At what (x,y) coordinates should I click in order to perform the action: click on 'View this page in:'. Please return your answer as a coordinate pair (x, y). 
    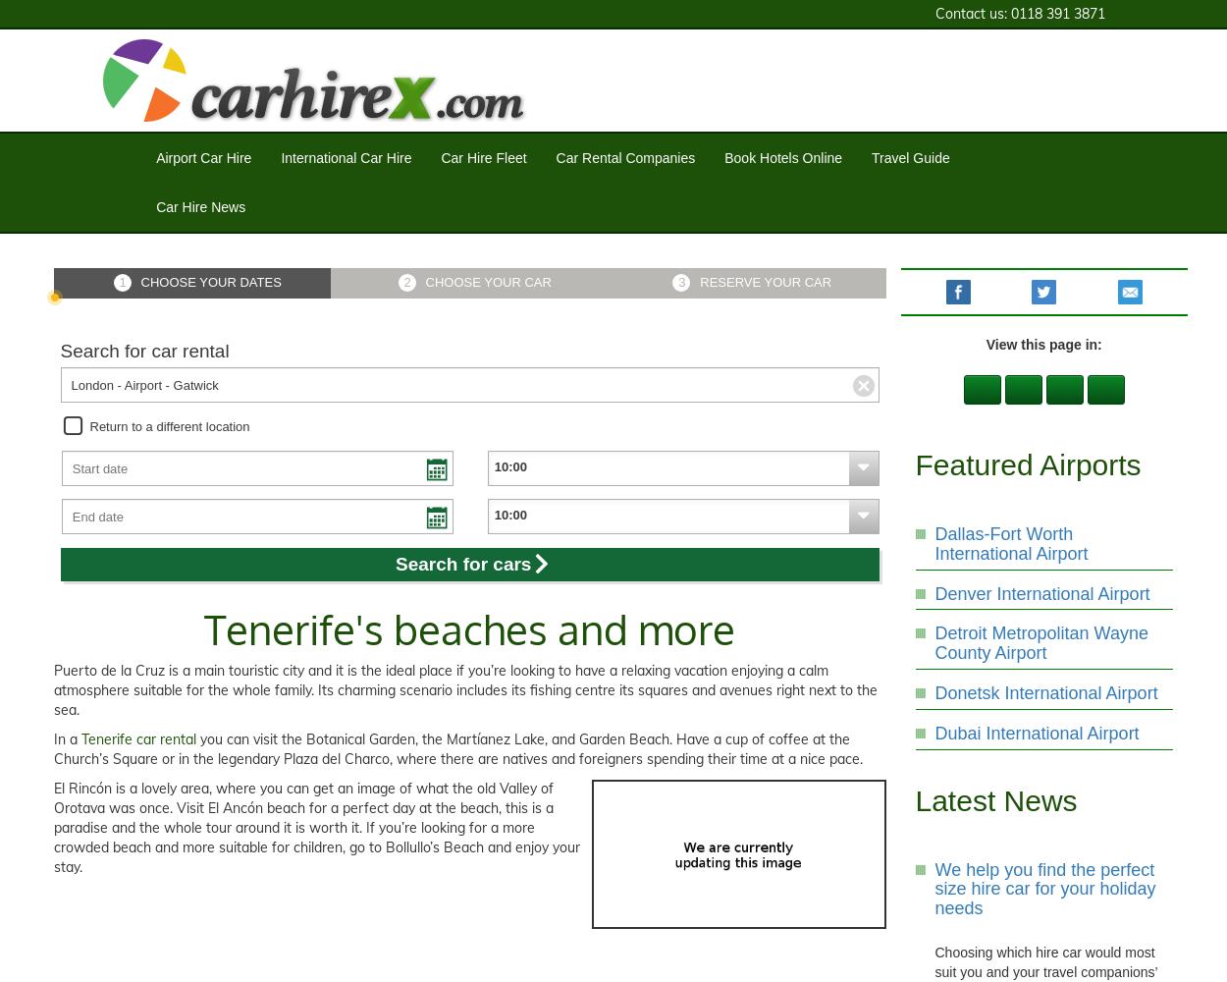
    Looking at the image, I should click on (1042, 343).